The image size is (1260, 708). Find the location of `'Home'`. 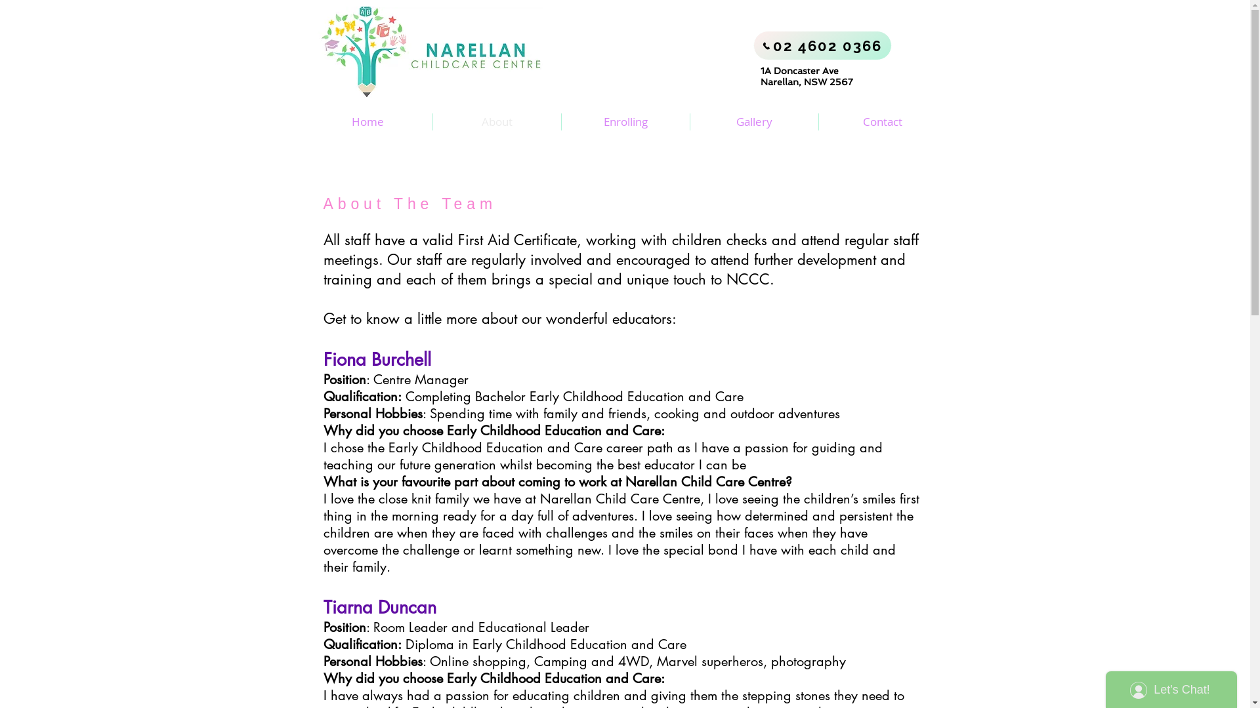

'Home' is located at coordinates (367, 121).